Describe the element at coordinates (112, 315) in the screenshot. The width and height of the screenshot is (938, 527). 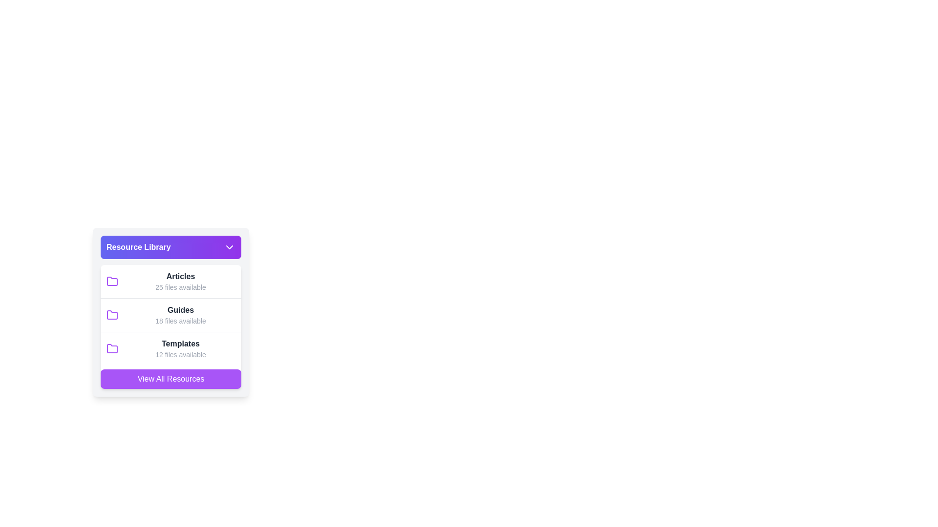
I see `the second folder icon labeled 'Guides' in the 'Resource Library' dropdown menu, which is a purple folder icon positioned between 'Articles' and 'Templates'` at that location.